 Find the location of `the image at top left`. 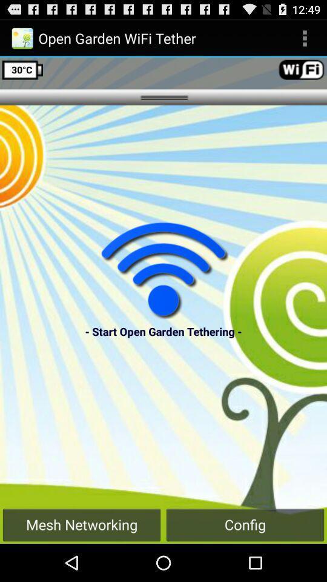

the image at top left is located at coordinates (22, 38).